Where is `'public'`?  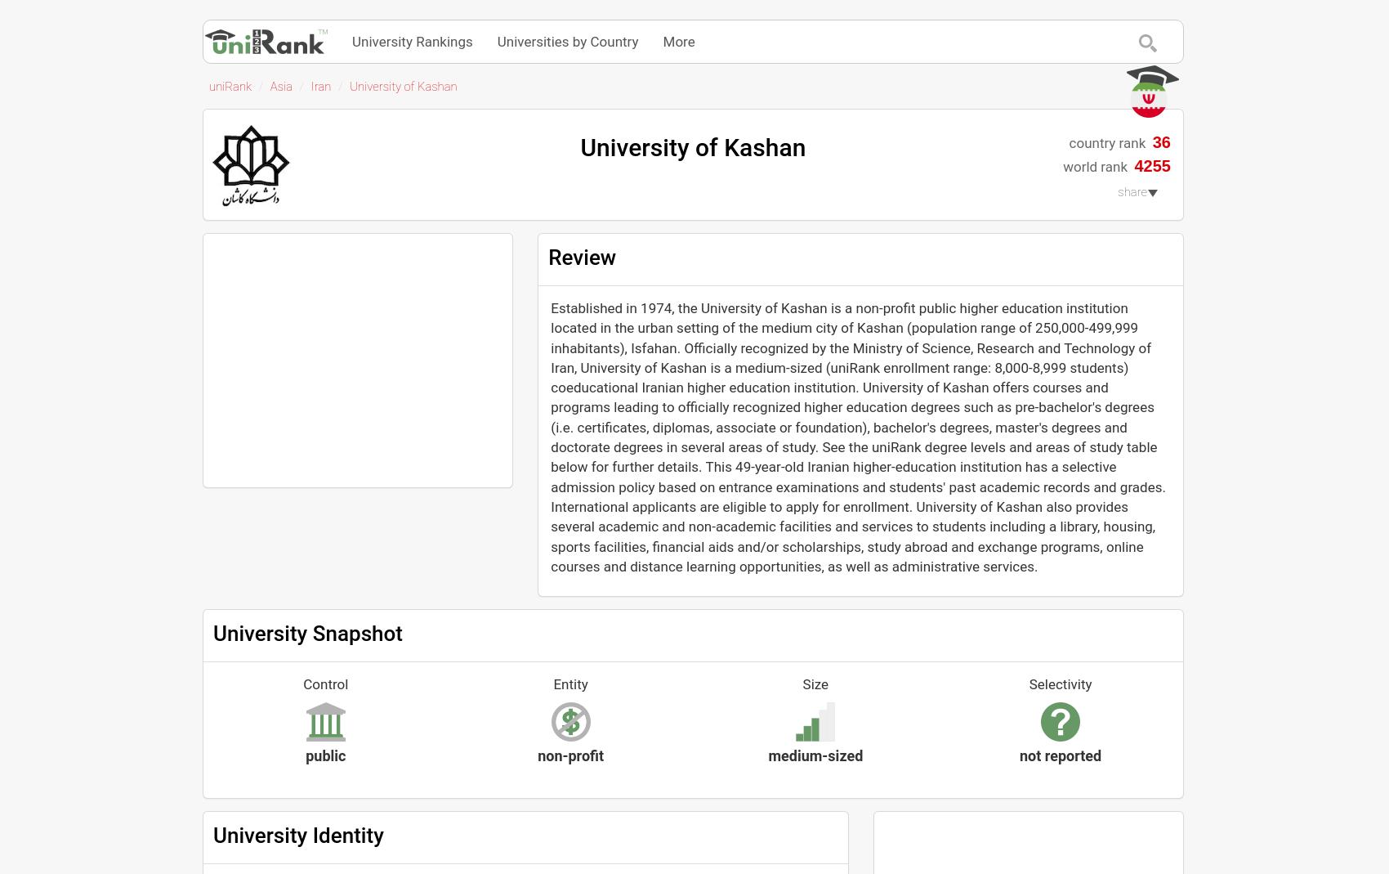 'public' is located at coordinates (305, 754).